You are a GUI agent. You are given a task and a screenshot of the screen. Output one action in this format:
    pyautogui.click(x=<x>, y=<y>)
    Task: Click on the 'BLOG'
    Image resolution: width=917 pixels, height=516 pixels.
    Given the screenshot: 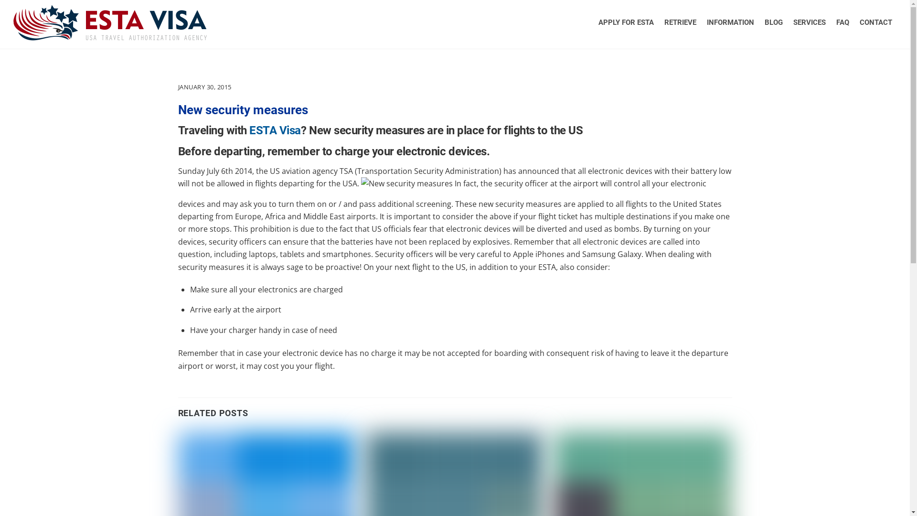 What is the action you would take?
    pyautogui.click(x=774, y=21)
    